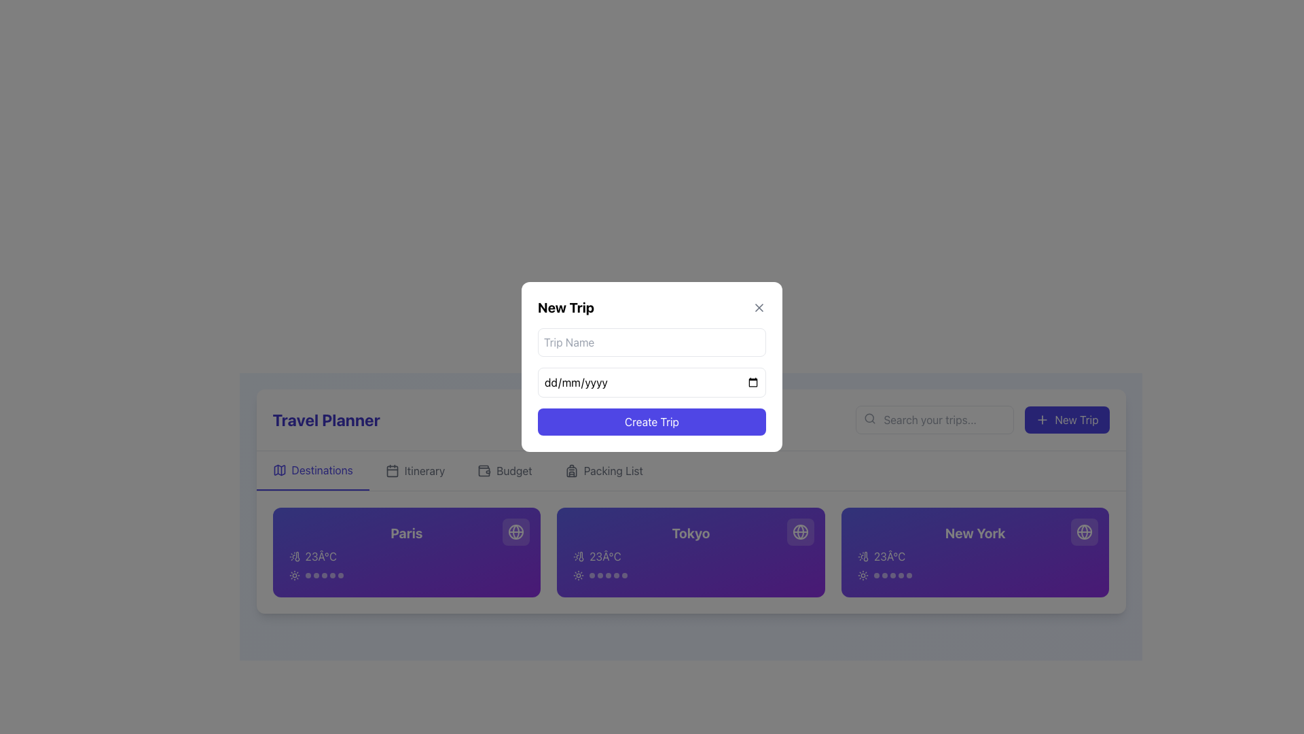 This screenshot has height=734, width=1304. What do you see at coordinates (602, 470) in the screenshot?
I see `the 'Packing List' button, which features a backpack icon and is located in the horizontal menu bar beneath the 'Travel Planner' panel, as the fourth item from the left` at bounding box center [602, 470].